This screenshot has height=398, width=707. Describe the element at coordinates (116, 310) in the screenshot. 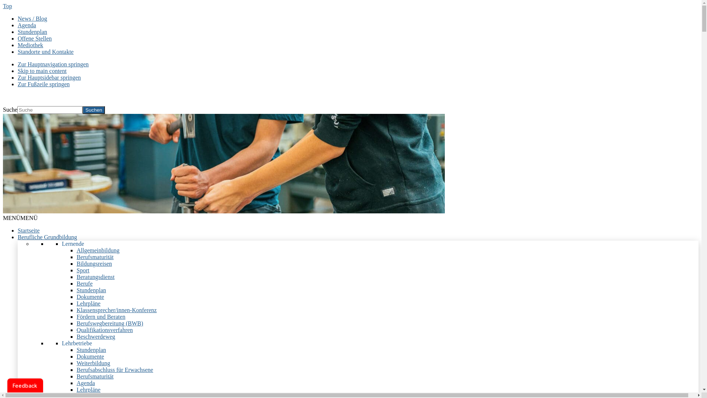

I see `'Klassensprecher/innen-Konferenz'` at that location.